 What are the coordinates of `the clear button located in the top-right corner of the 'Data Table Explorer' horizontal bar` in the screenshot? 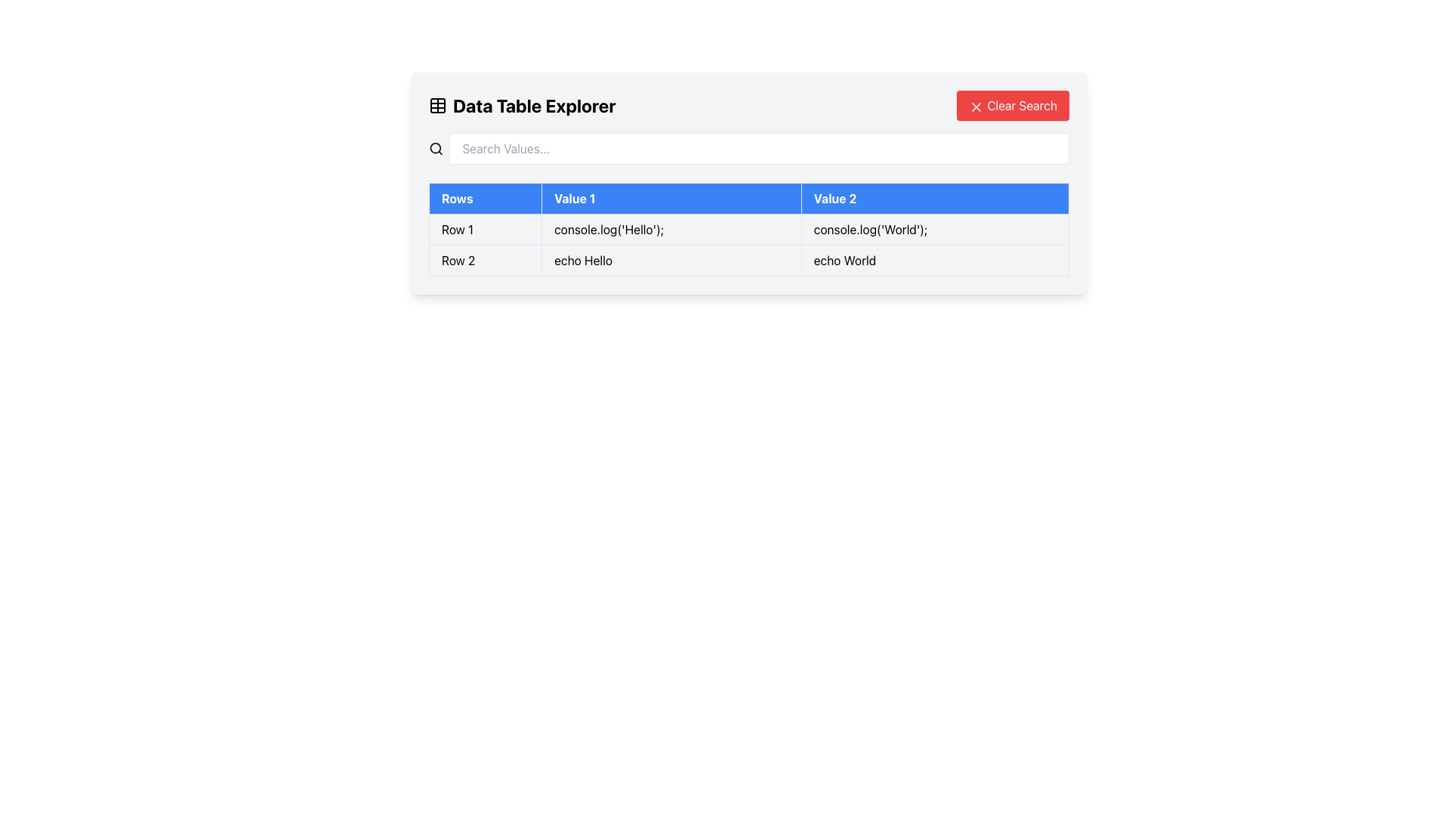 It's located at (1013, 104).